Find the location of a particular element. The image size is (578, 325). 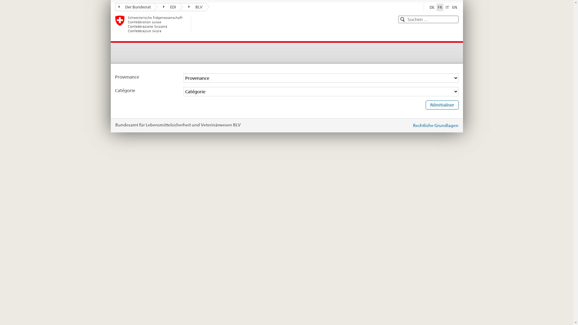

'Der Bundesrat' is located at coordinates (134, 7).